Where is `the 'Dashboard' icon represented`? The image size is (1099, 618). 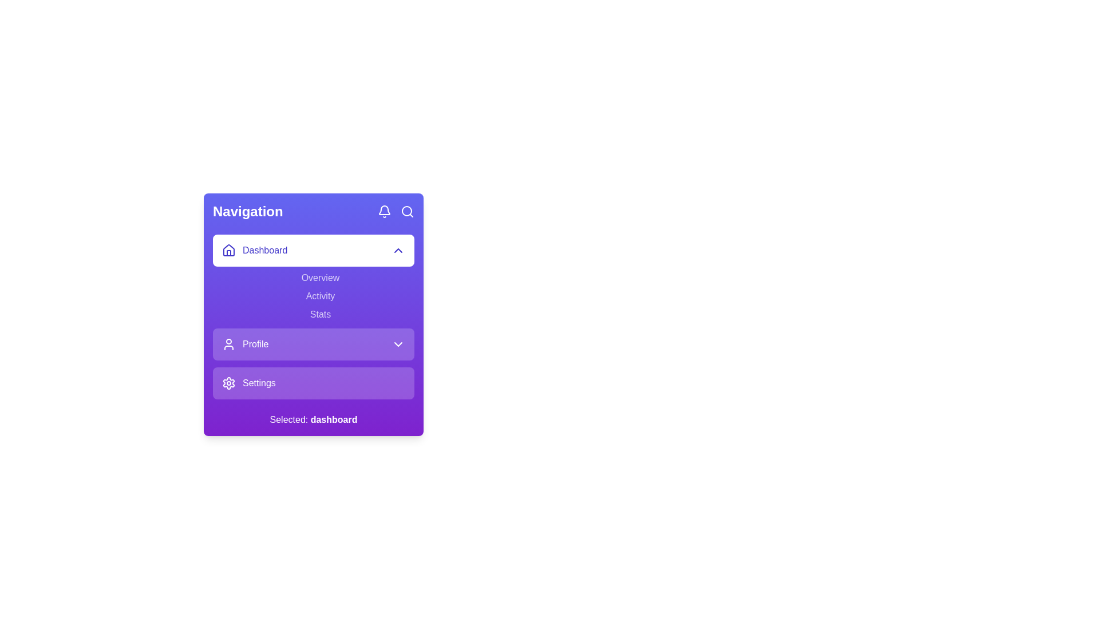
the 'Dashboard' icon represented is located at coordinates (228, 249).